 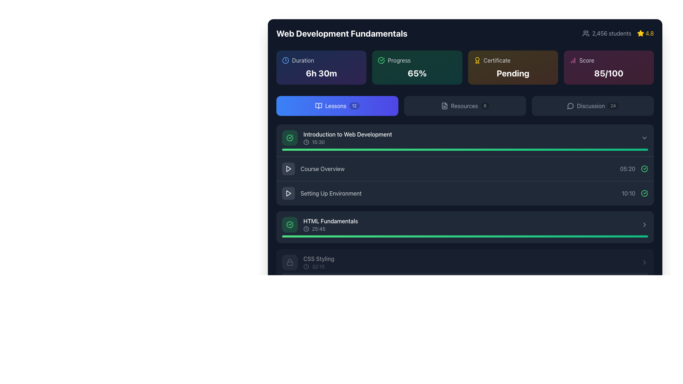 I want to click on the 'Resources' text label in the navigation bar, so click(x=464, y=106).